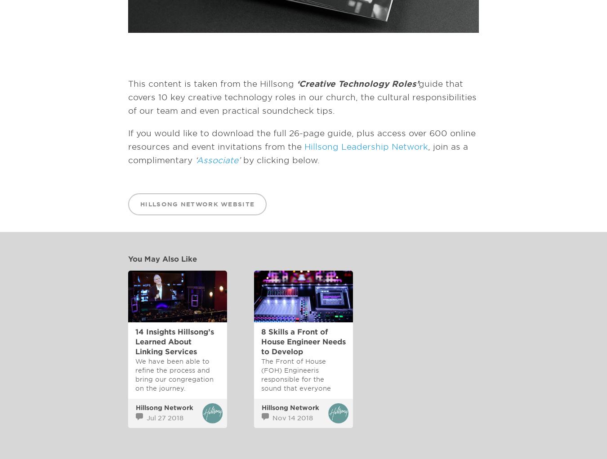  I want to click on 'by clicking below.', so click(281, 160).